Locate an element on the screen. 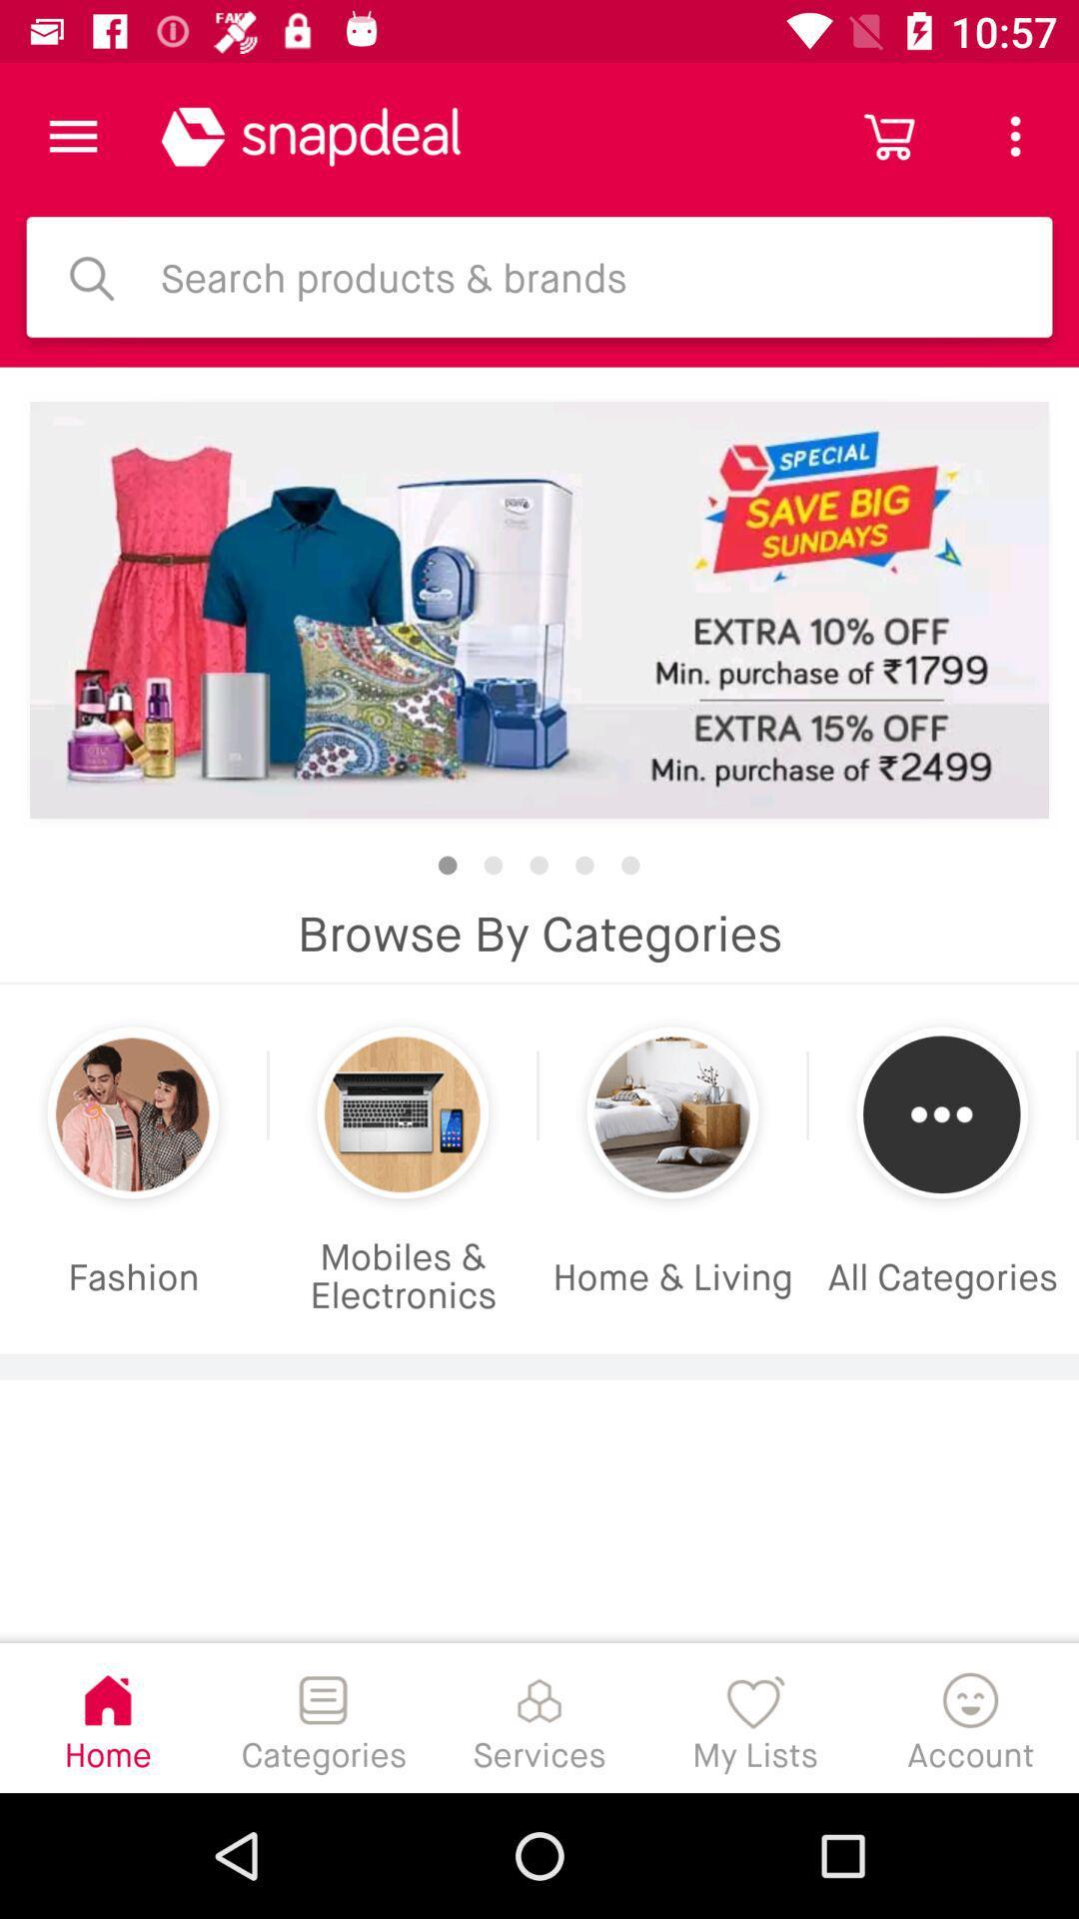  open menu is located at coordinates (72, 135).